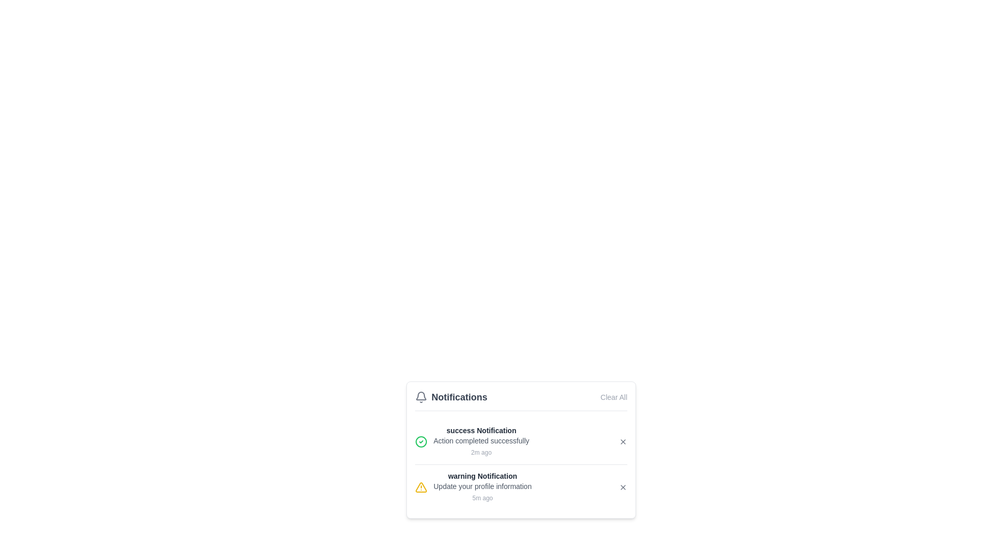 This screenshot has width=984, height=553. What do you see at coordinates (622, 441) in the screenshot?
I see `the dismiss button located at the extreme right of the 'success Notification' entry` at bounding box center [622, 441].